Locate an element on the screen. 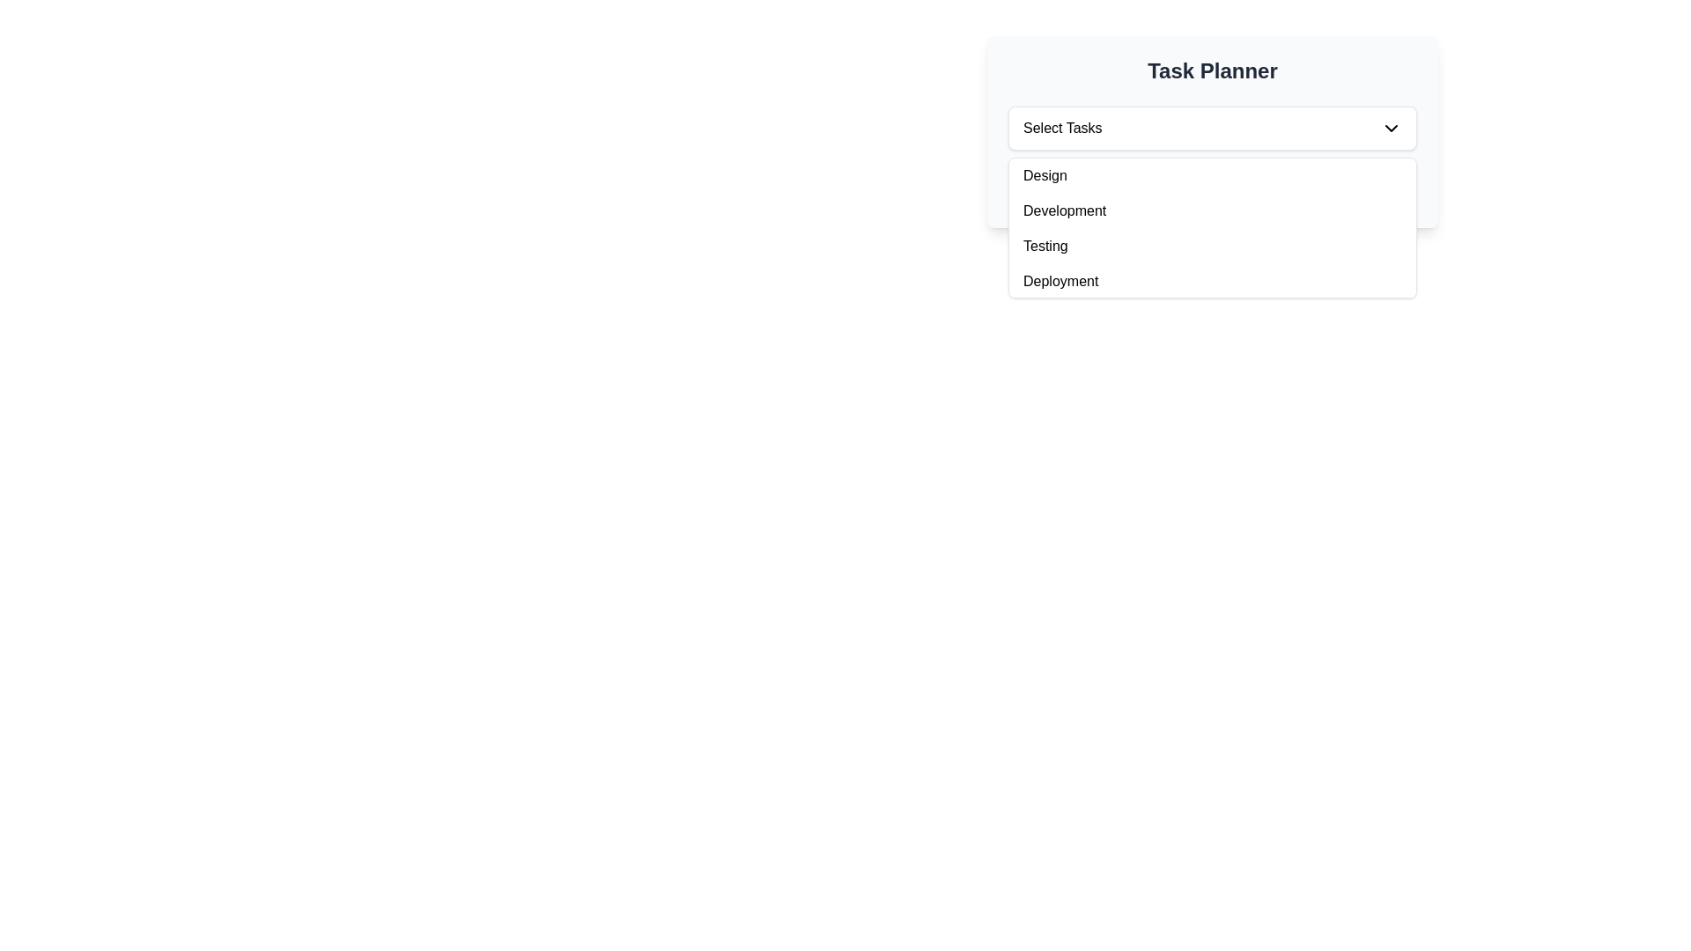  the title text label at the top-center of the task planner interface, which provides context to the displayed options is located at coordinates (1212, 70).